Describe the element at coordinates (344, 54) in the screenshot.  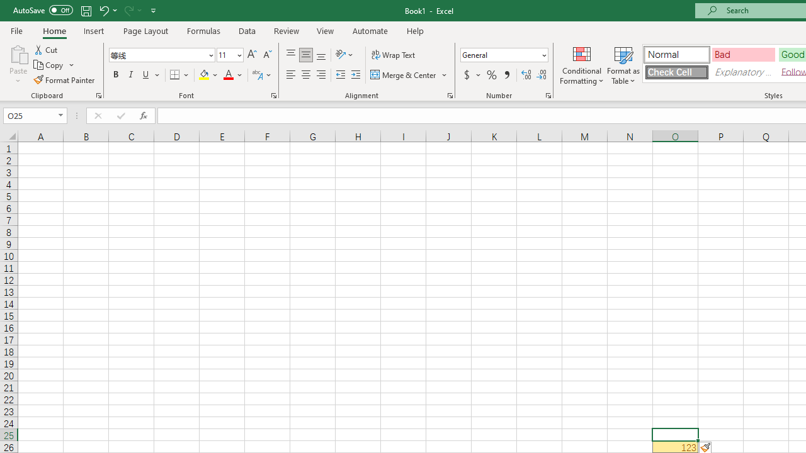
I see `'Orientation'` at that location.